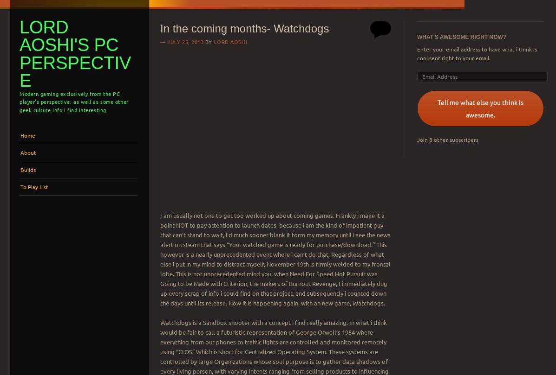 Image resolution: width=556 pixels, height=375 pixels. Describe the element at coordinates (28, 152) in the screenshot. I see `'About'` at that location.